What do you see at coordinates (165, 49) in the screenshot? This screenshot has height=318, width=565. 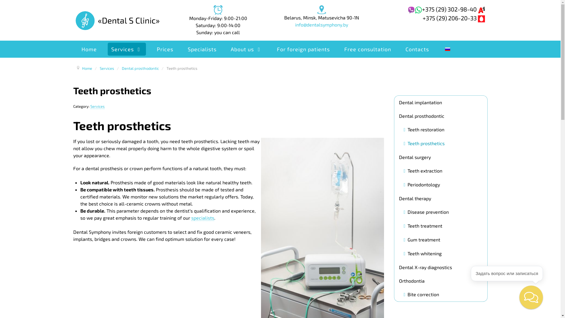 I see `'Prices'` at bounding box center [165, 49].